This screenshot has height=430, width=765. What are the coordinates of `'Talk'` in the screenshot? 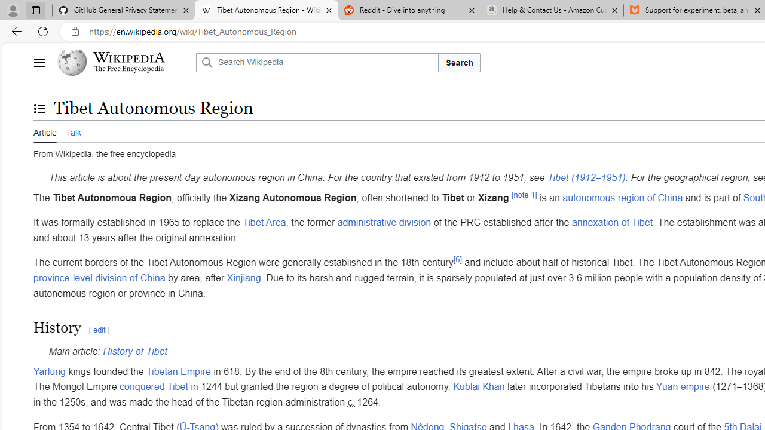 It's located at (72, 131).